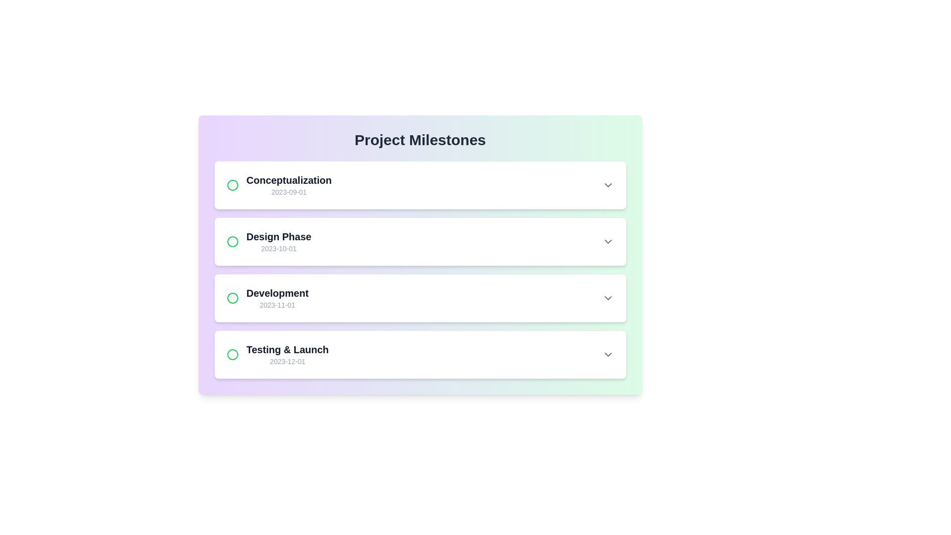 The height and width of the screenshot is (535, 951). Describe the element at coordinates (232, 185) in the screenshot. I see `the graphical circle indicator with a green outline located near the top left of the first list item in the 'Project Milestones' section, adjacent to the text 'Conceptualization'` at that location.